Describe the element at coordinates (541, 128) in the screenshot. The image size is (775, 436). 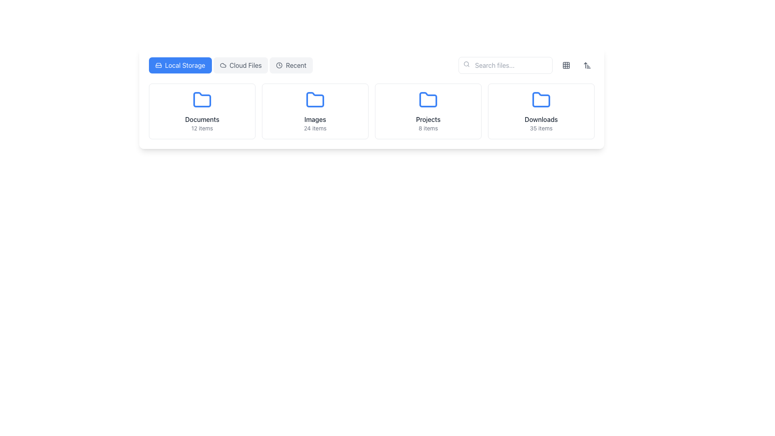
I see `the gray text label displaying '35 items', which is located under the title 'Downloads' and is part of the section for folders` at that location.